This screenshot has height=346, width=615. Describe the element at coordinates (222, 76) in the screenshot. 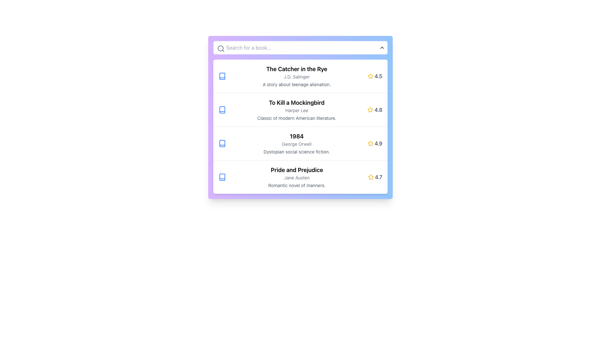

I see `the book icon representing 'The Catcher in the Rye', which is the first icon in a vertical list of books, located to the left of its title and description` at that location.